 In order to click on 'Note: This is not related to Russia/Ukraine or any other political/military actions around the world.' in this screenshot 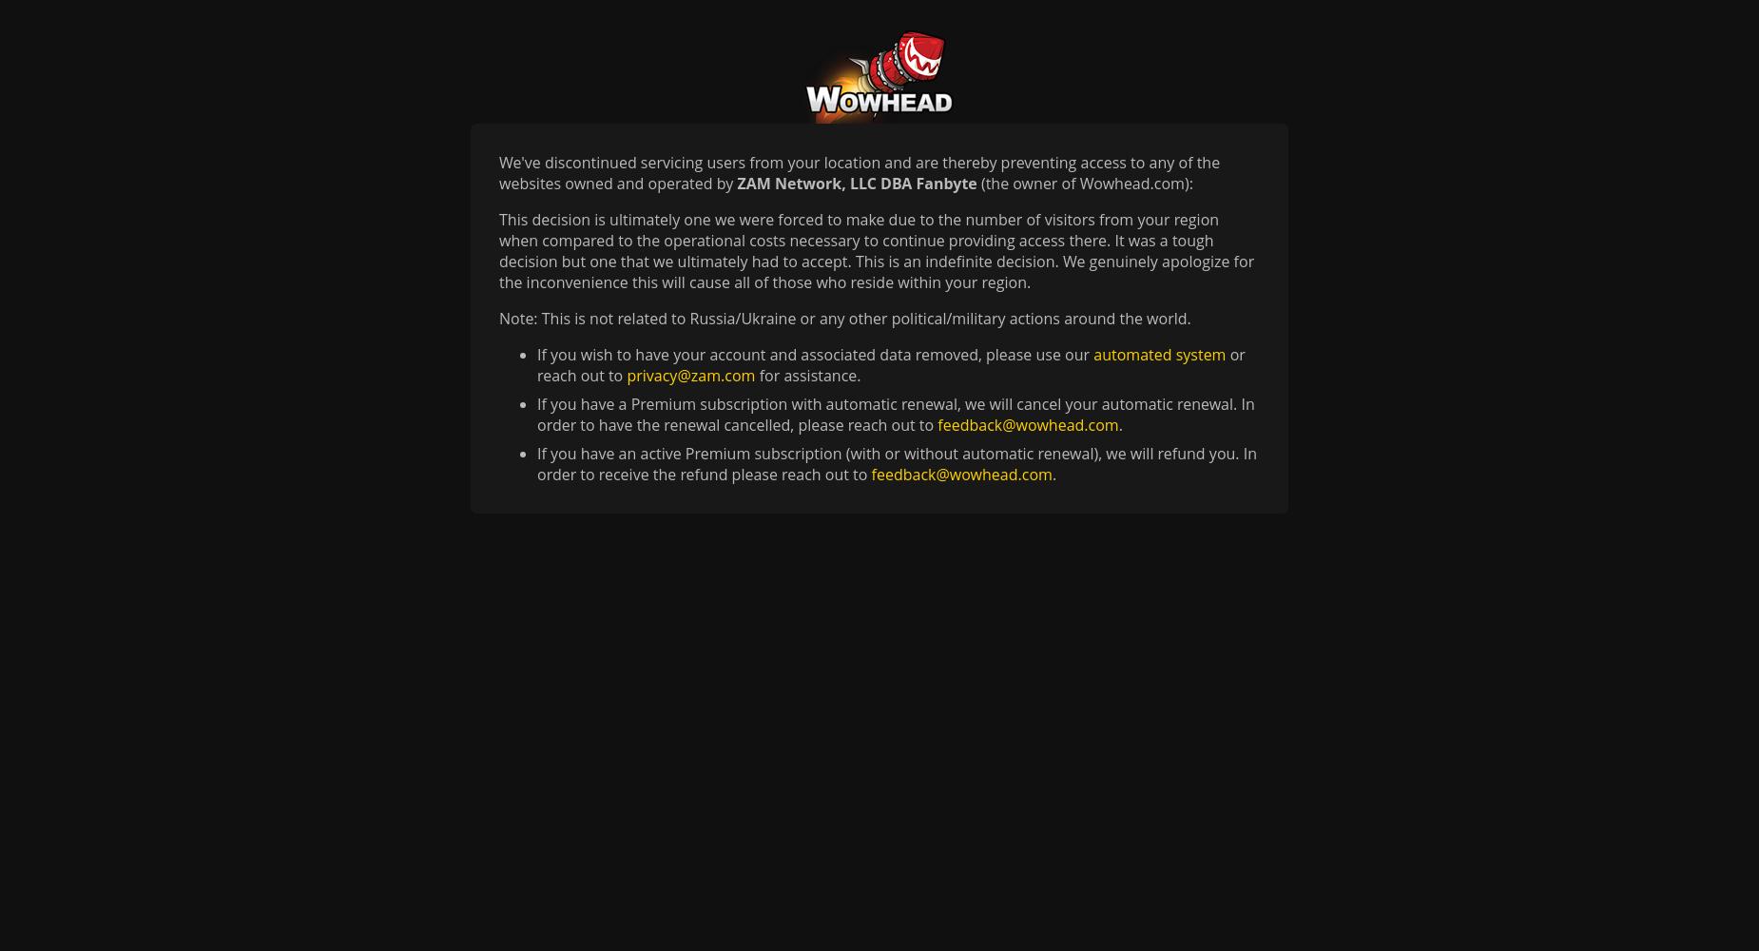, I will do `click(844, 318)`.